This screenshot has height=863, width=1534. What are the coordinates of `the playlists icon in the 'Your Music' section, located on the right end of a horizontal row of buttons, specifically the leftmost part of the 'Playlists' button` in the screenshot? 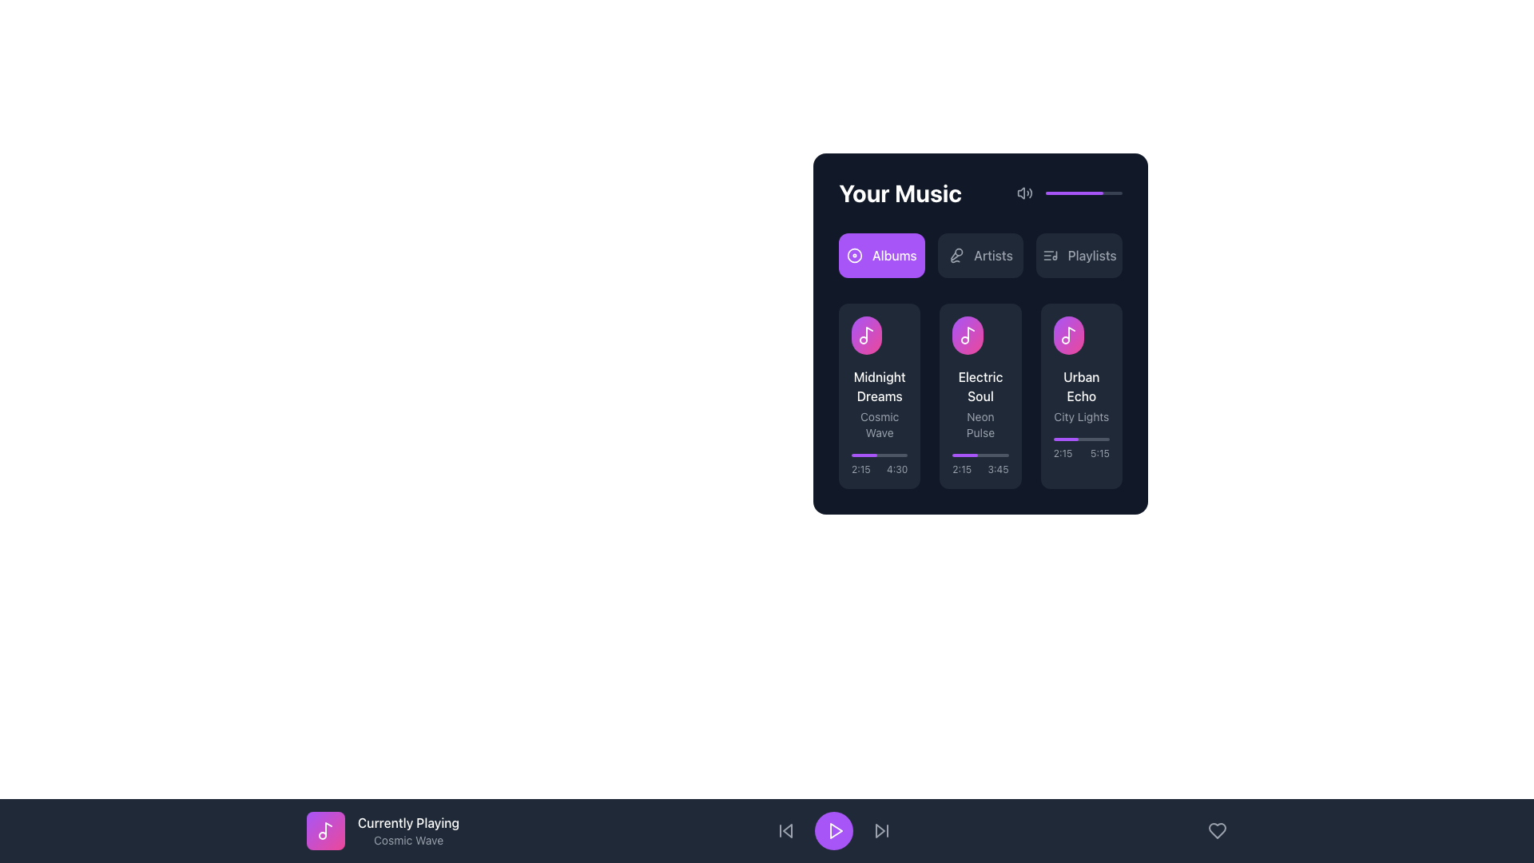 It's located at (1050, 255).